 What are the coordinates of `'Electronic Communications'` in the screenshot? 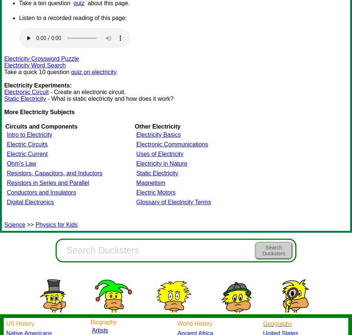 It's located at (135, 144).